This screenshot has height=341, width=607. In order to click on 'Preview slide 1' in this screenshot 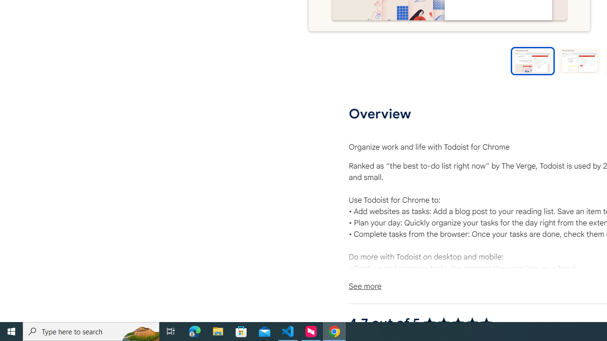, I will do `click(533, 61)`.